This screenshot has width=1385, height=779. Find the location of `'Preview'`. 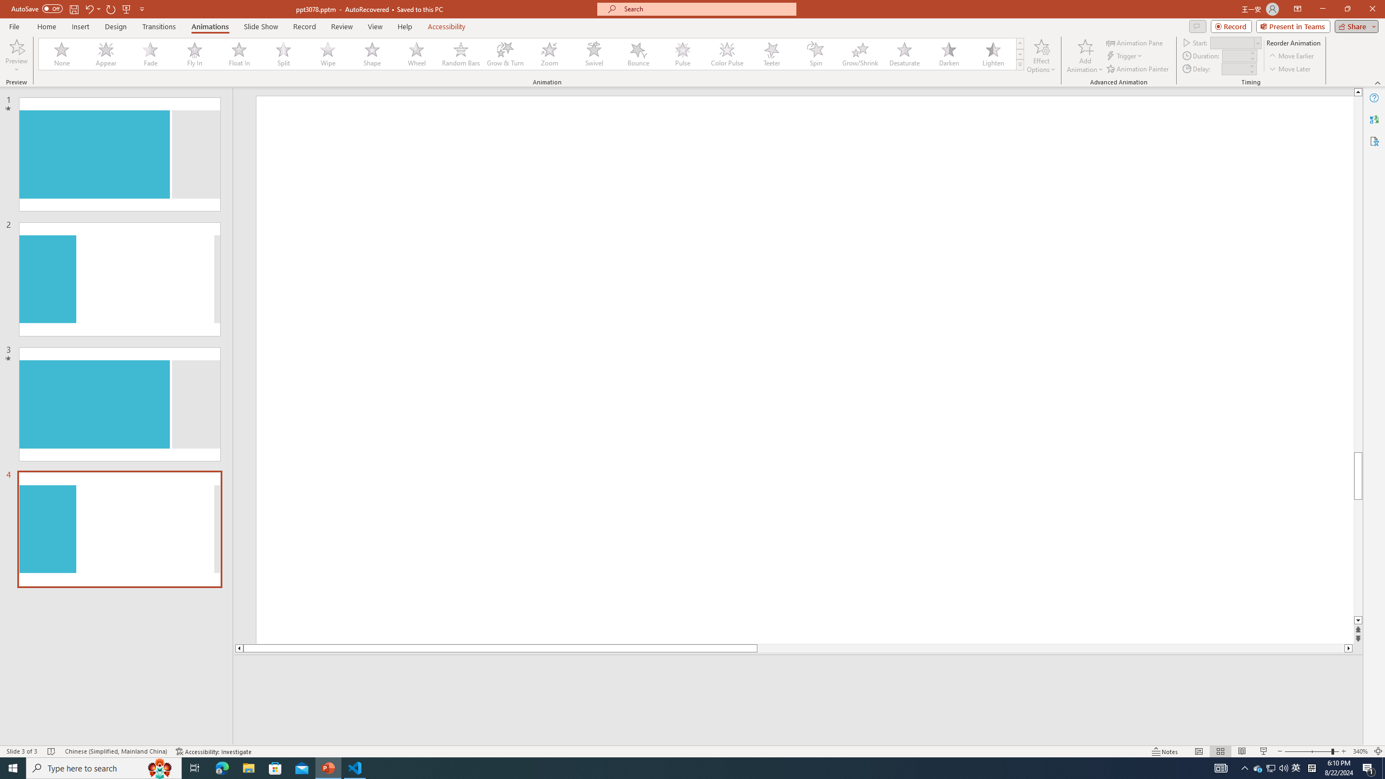

'Preview' is located at coordinates (16, 56).